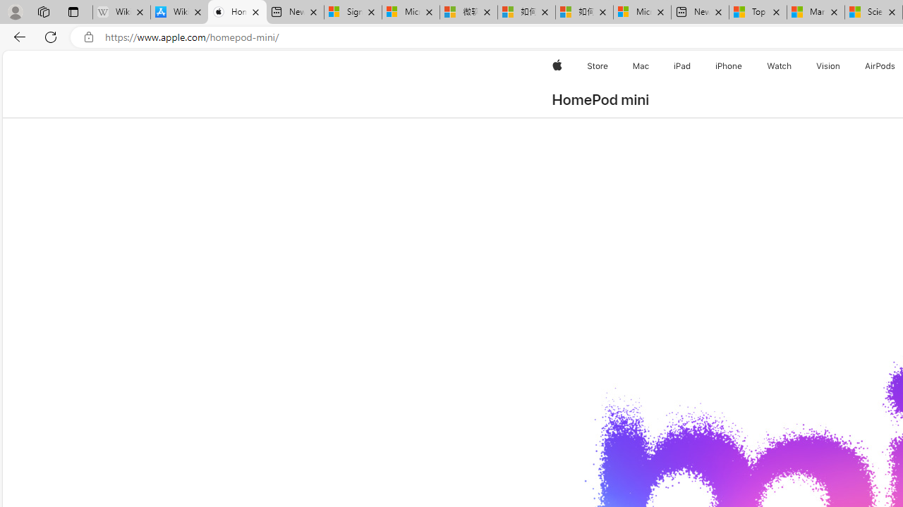 Image resolution: width=903 pixels, height=507 pixels. Describe the element at coordinates (237, 12) in the screenshot. I see `'HomePod mini - Apple'` at that location.